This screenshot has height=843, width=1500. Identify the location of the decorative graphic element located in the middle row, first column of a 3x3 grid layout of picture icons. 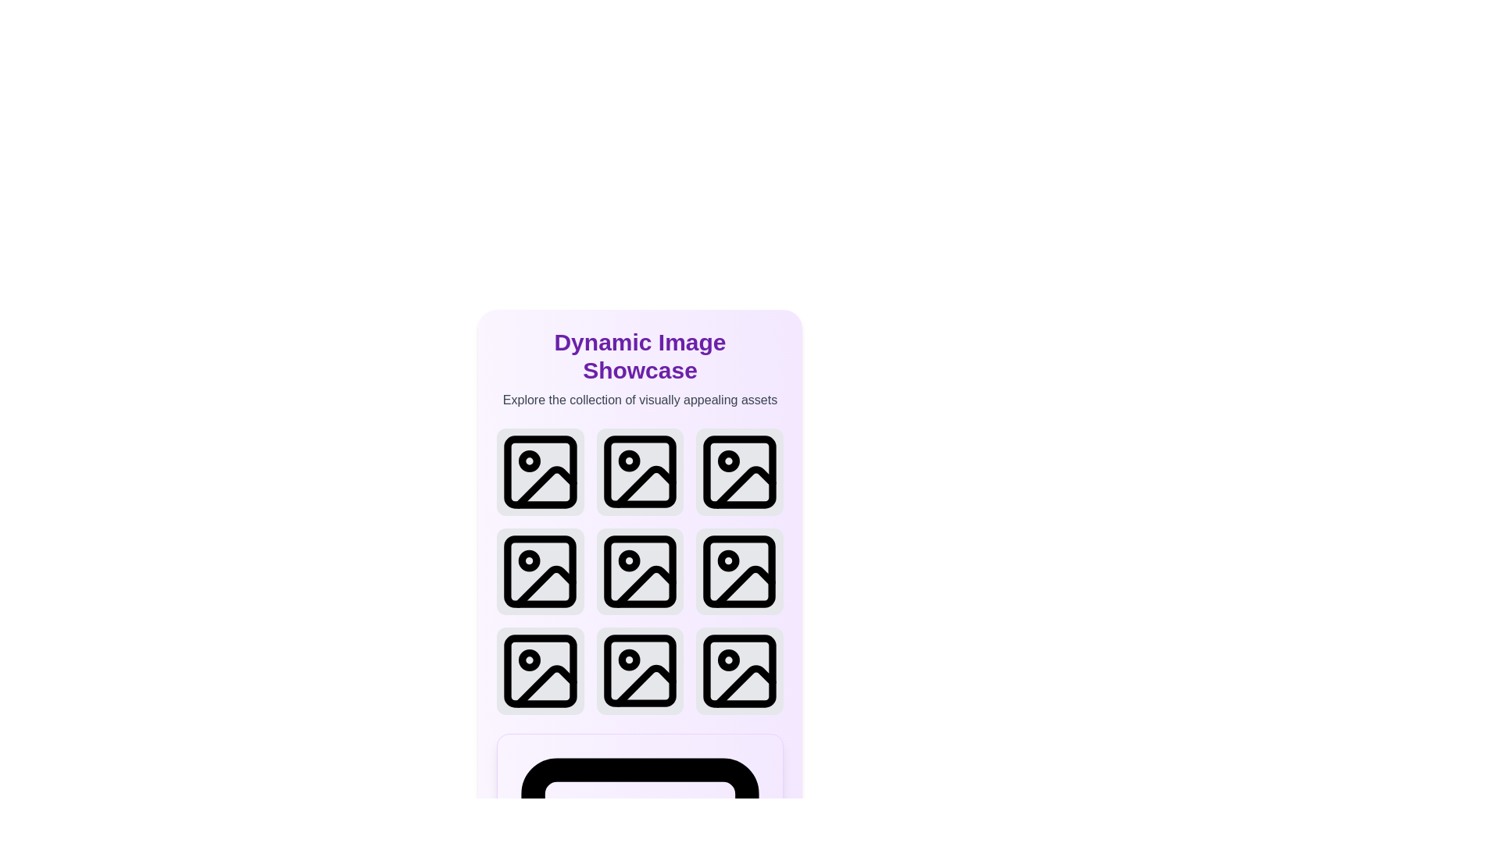
(540, 571).